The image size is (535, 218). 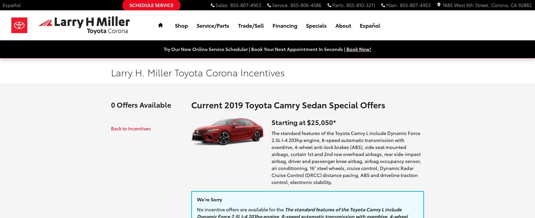 I want to click on 'Financing', so click(x=285, y=25).